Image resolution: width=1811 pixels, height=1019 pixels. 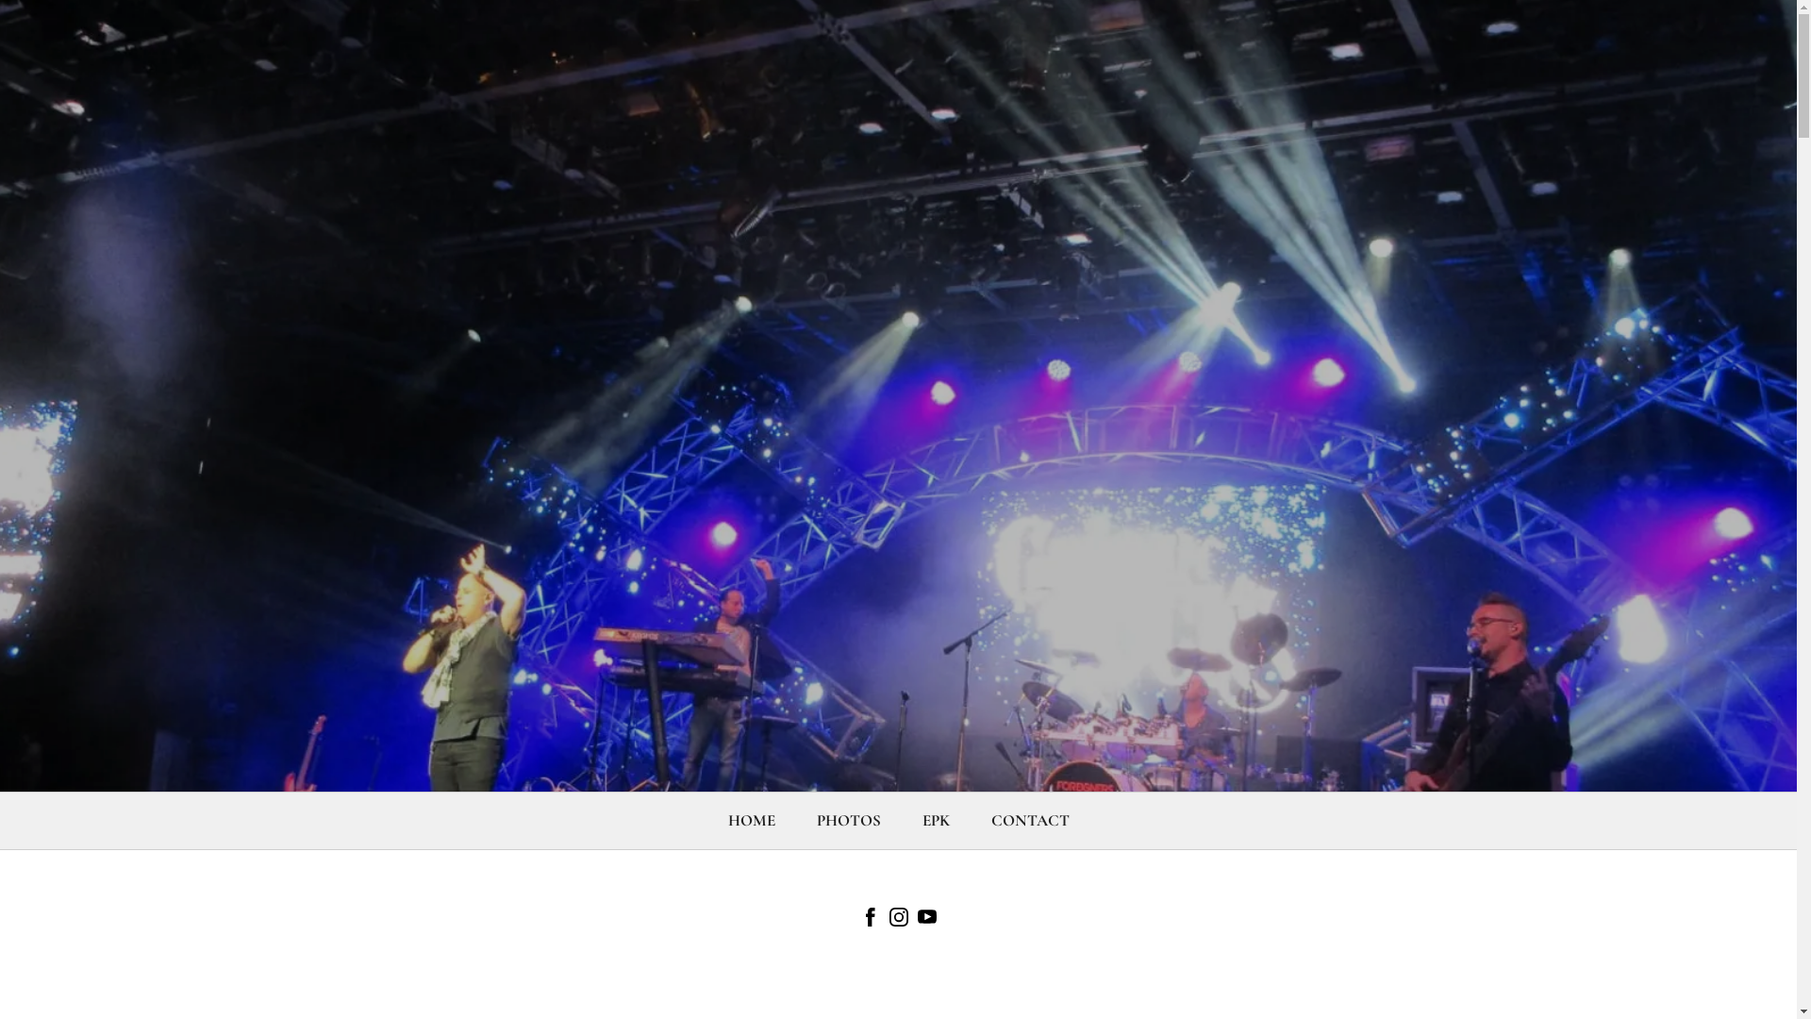 What do you see at coordinates (935, 820) in the screenshot?
I see `'EPK'` at bounding box center [935, 820].